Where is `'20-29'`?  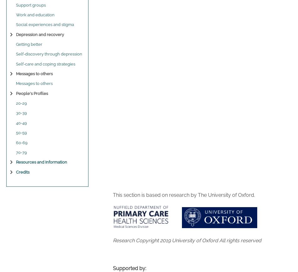 '20-29' is located at coordinates (16, 103).